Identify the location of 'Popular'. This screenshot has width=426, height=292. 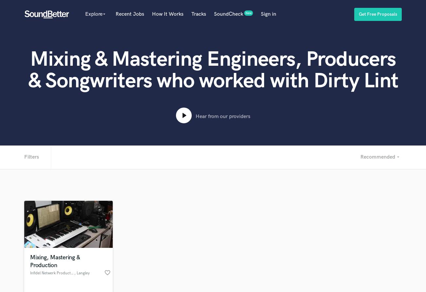
(99, 27).